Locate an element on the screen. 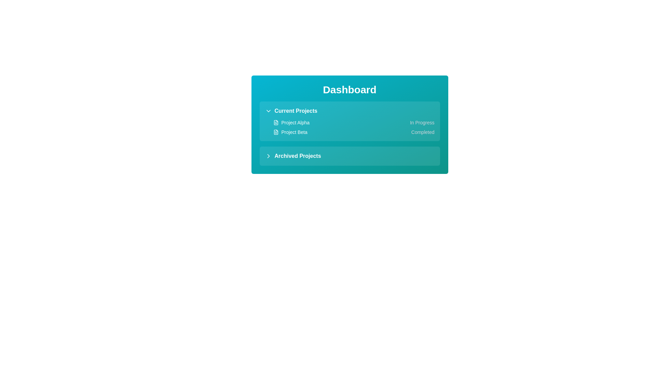  the text label displaying 'Project Alpha', which is styled with white text on a teal background and is positioned next to a document icon is located at coordinates (295, 122).